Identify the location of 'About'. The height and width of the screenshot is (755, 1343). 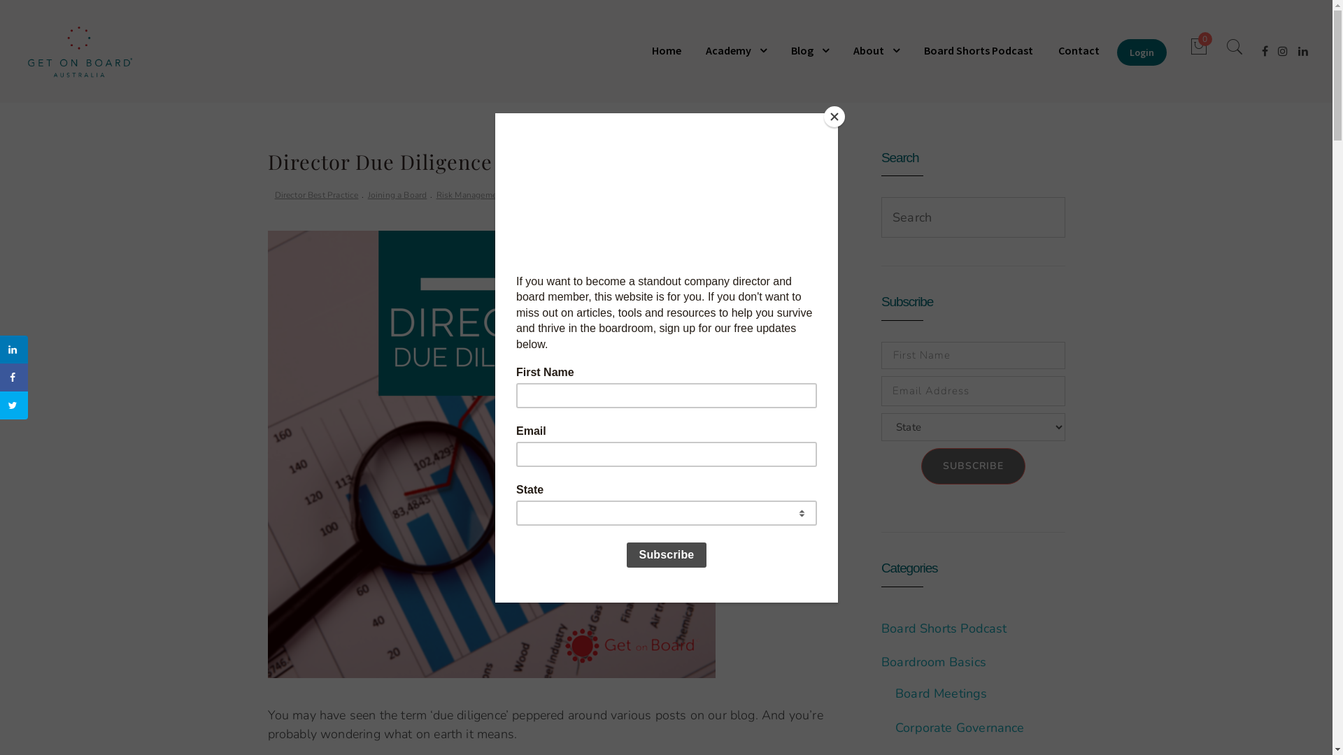
(875, 50).